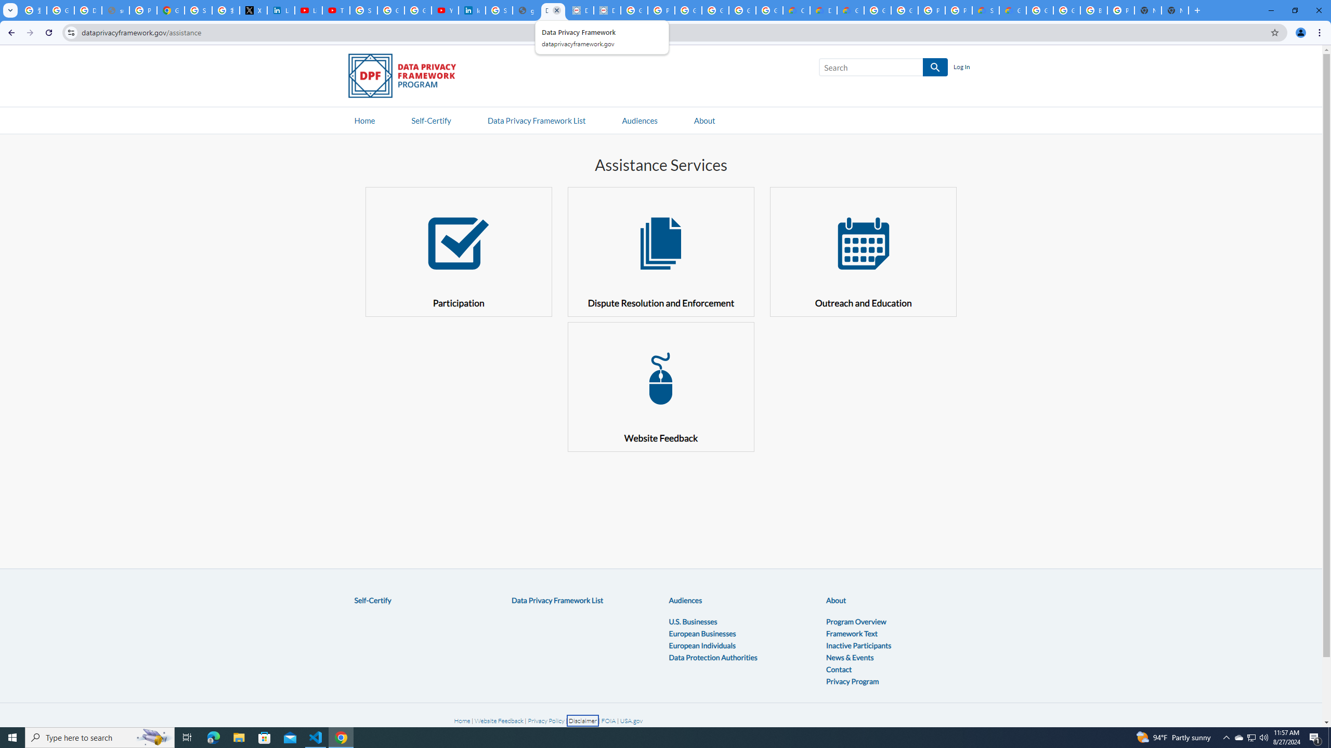 The width and height of the screenshot is (1331, 748). What do you see at coordinates (115, 10) in the screenshot?
I see `'support.google.com - Network error'` at bounding box center [115, 10].